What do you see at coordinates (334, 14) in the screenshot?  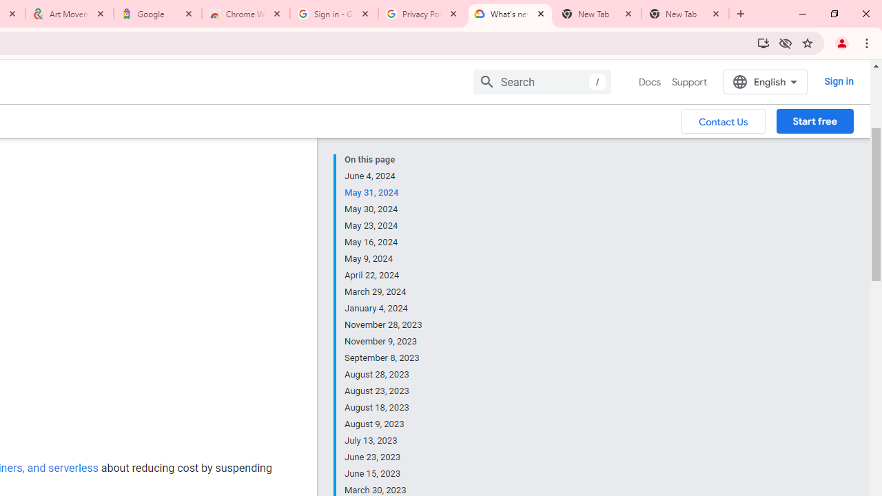 I see `'Sign in - Google Accounts'` at bounding box center [334, 14].